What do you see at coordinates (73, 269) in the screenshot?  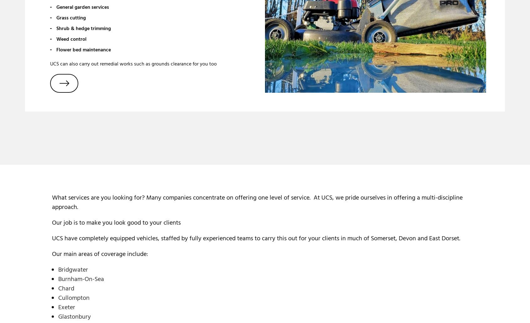 I see `'Bridgwater'` at bounding box center [73, 269].